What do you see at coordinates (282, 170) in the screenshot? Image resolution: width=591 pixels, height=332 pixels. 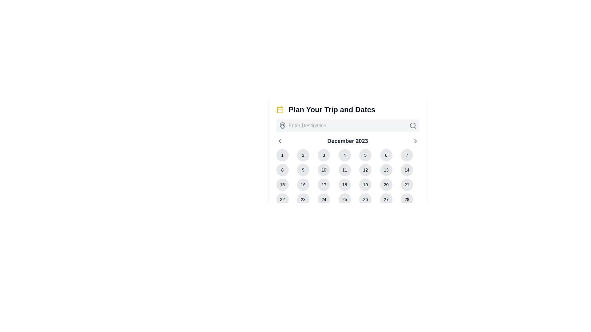 I see `the circular button with a light gray background and the number '8'` at bounding box center [282, 170].